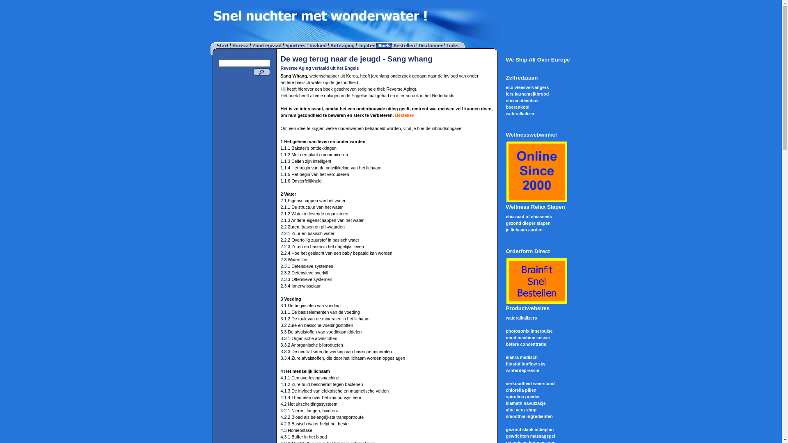  Describe the element at coordinates (505, 357) in the screenshot. I see `'elanra medisch'` at that location.